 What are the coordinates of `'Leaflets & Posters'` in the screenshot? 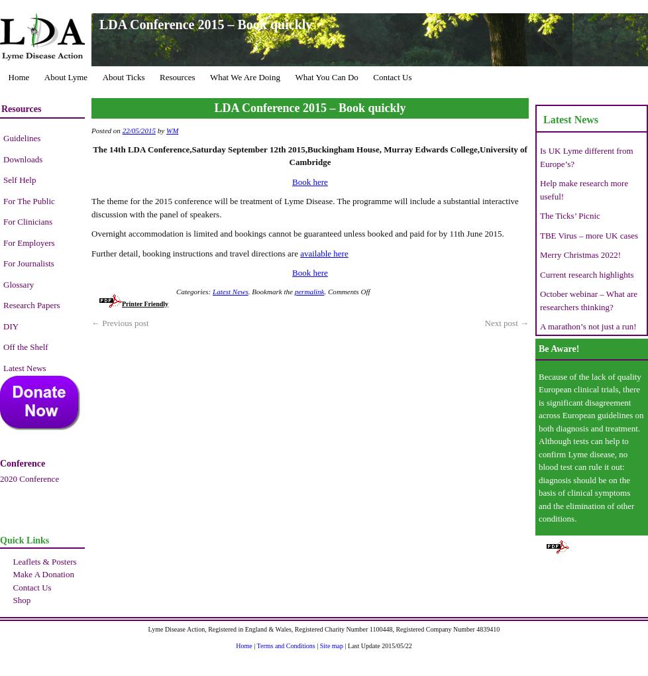 It's located at (44, 561).